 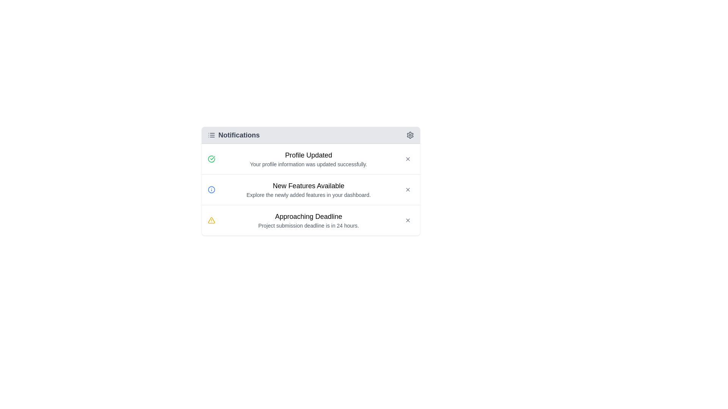 I want to click on the notification displayed in the text component that informs about an approaching deadline. This notification is the third item in the list, following 'Profile Updated' and 'New Features Available.', so click(x=309, y=220).